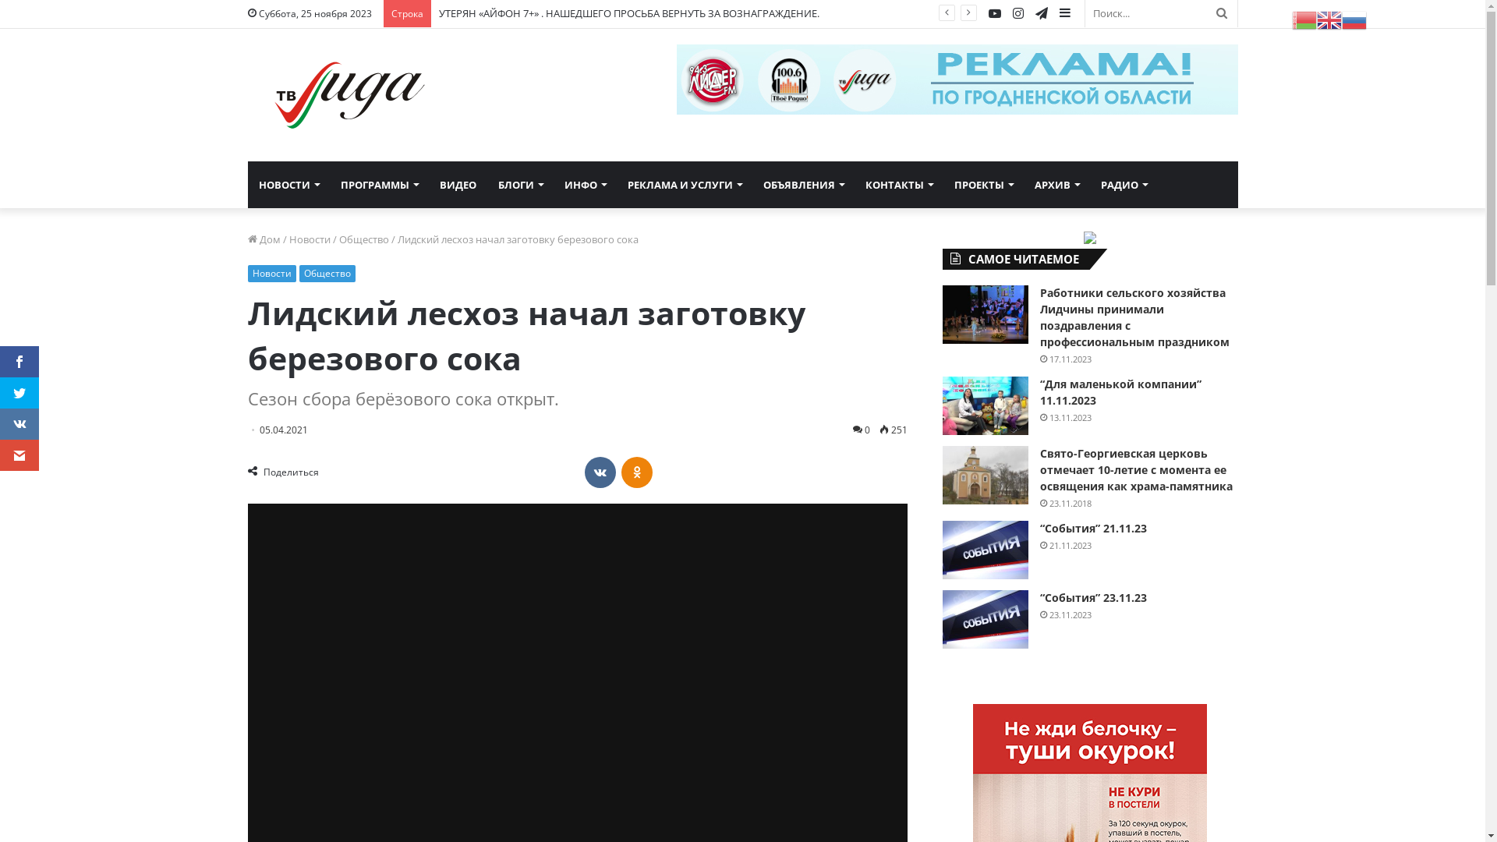 The image size is (1497, 842). I want to click on 'YouTube', so click(993, 14).